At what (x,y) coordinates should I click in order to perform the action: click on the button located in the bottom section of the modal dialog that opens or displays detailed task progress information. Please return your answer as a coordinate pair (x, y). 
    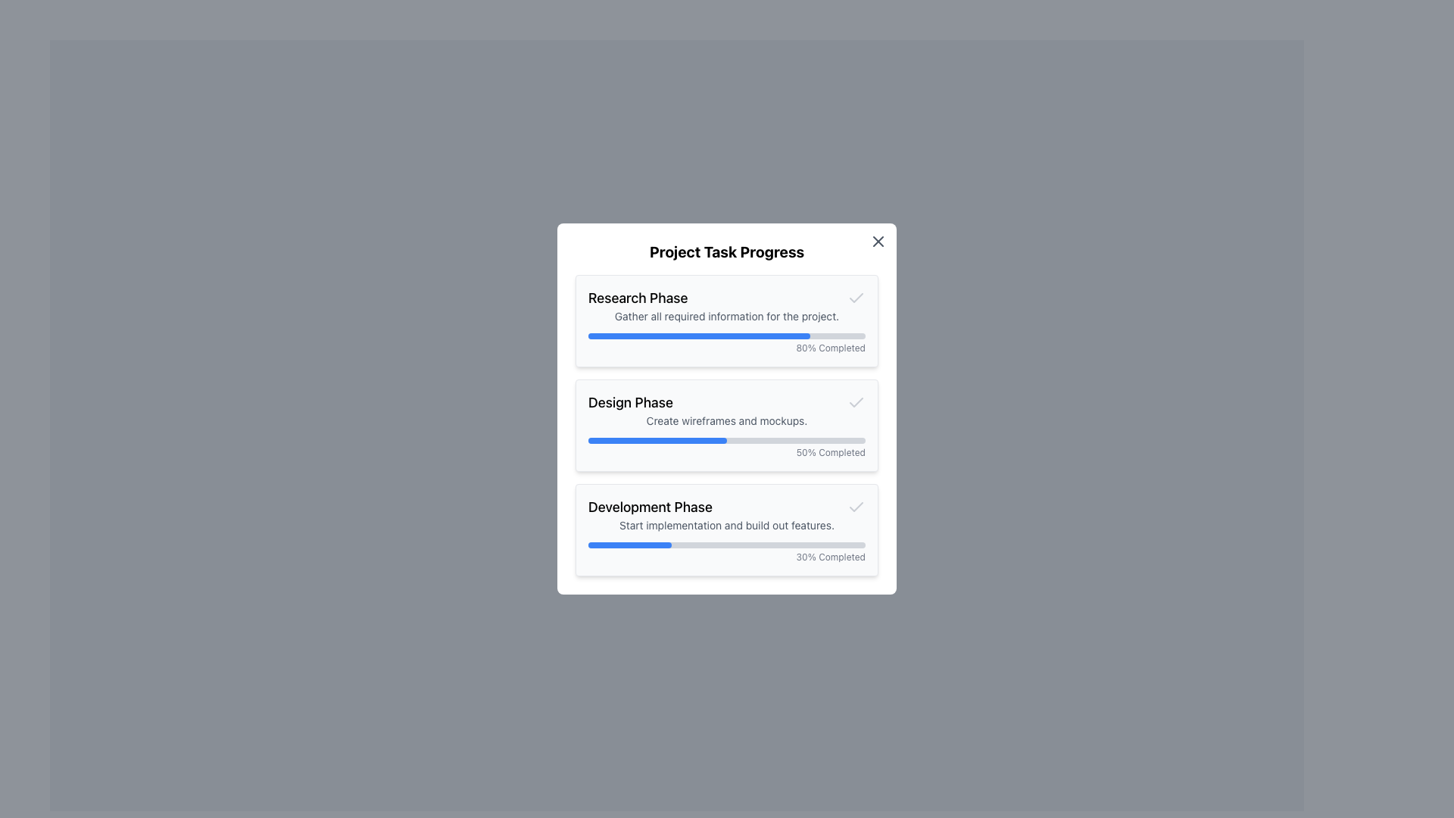
    Looking at the image, I should click on (676, 448).